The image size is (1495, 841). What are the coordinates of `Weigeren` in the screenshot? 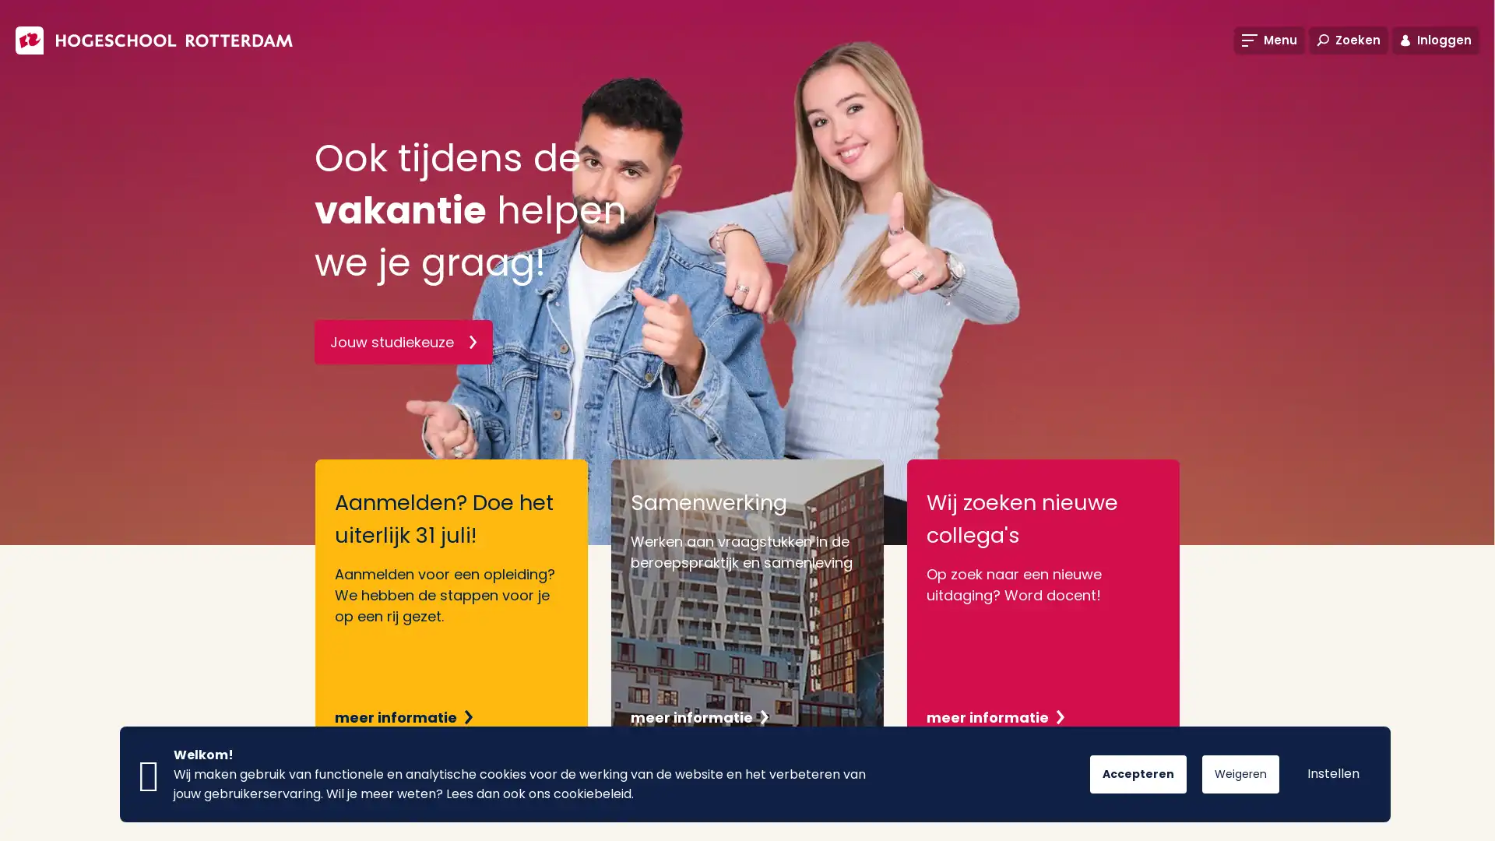 It's located at (1239, 774).